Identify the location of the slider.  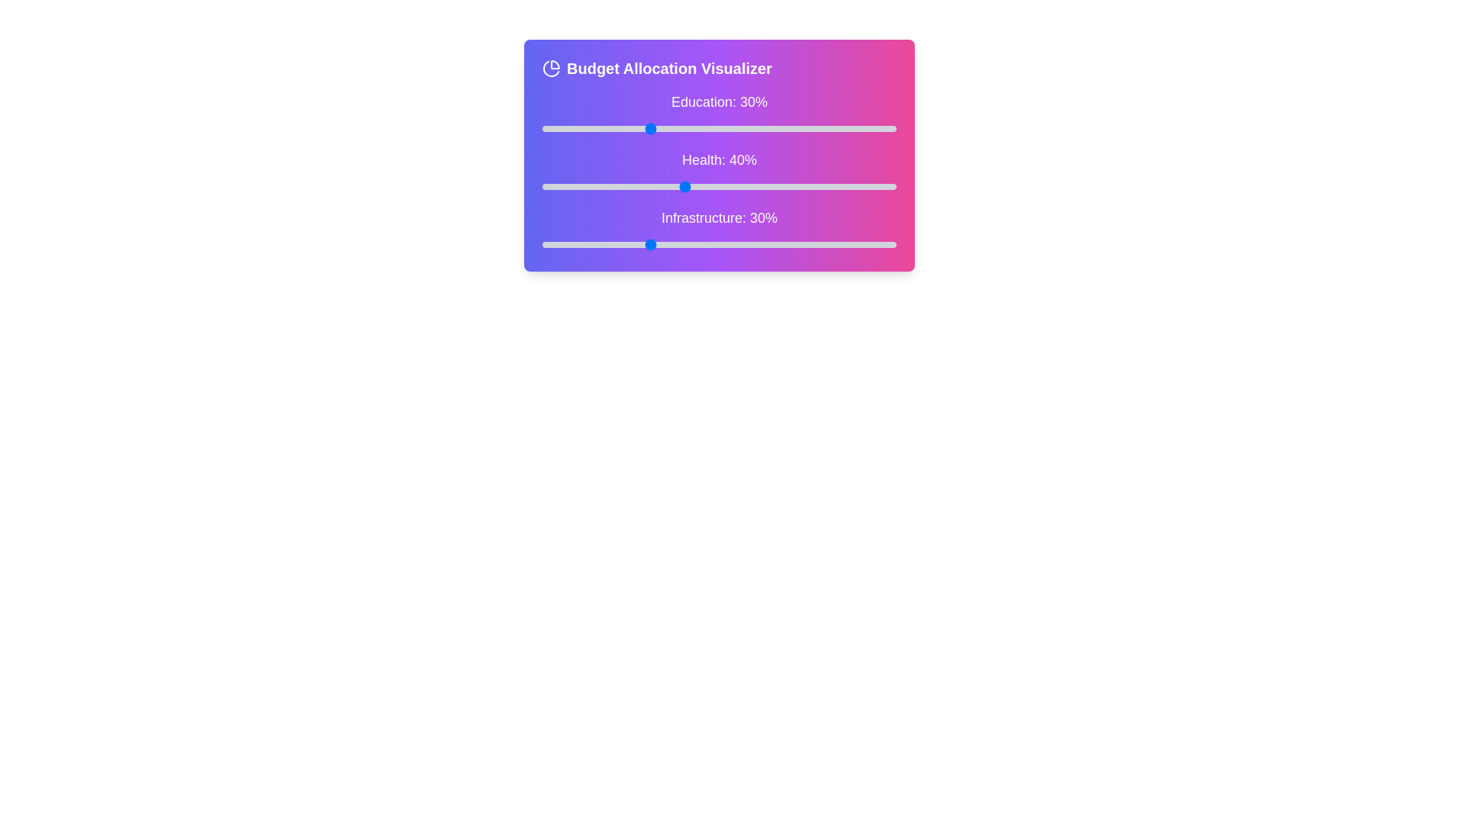
(546, 243).